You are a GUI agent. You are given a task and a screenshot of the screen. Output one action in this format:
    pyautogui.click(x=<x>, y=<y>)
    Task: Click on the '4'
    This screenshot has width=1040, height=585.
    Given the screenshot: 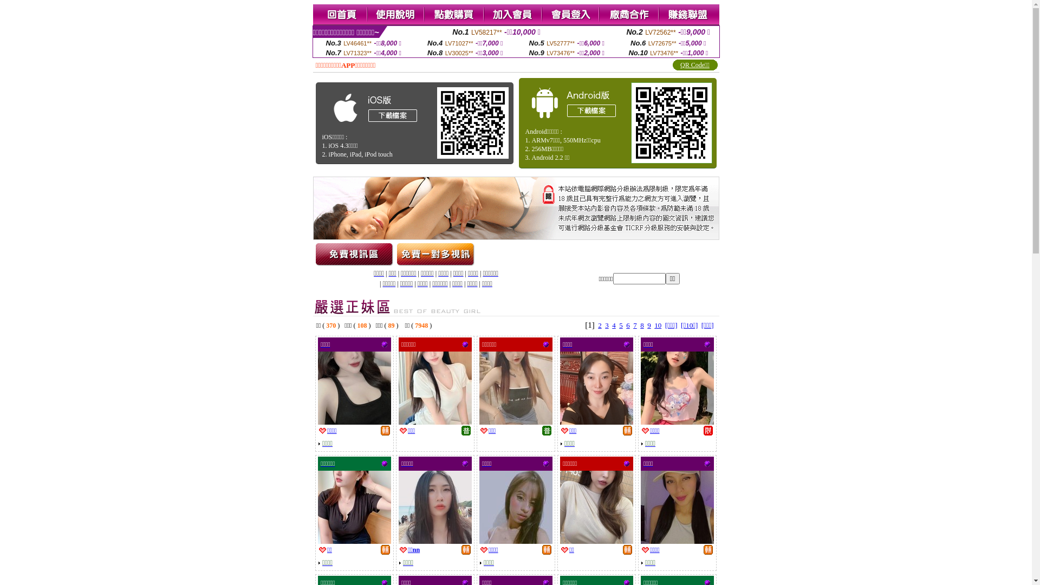 What is the action you would take?
    pyautogui.click(x=614, y=324)
    